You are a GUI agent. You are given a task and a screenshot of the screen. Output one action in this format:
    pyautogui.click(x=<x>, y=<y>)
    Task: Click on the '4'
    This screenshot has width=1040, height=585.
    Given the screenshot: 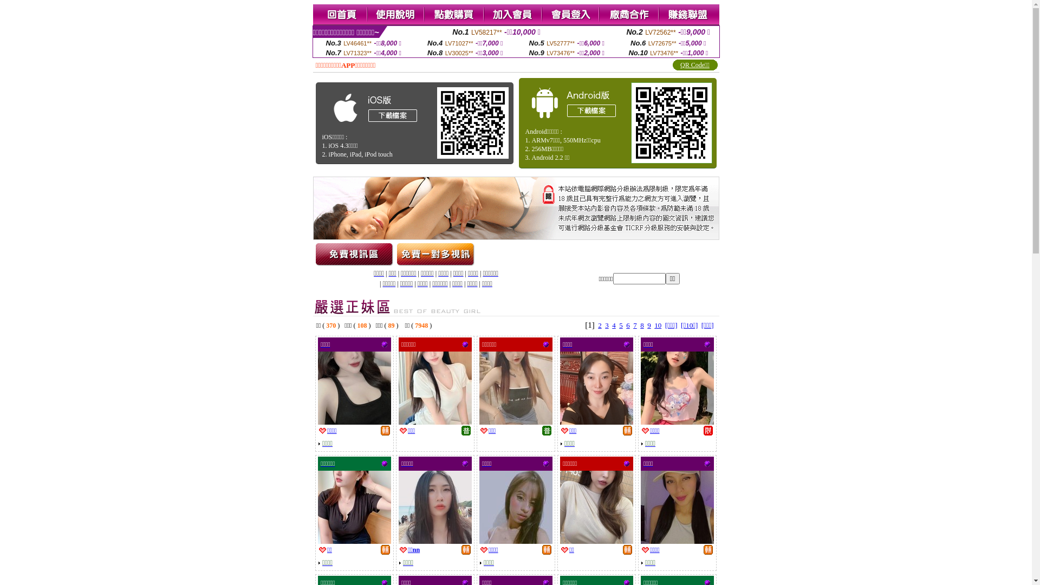 What is the action you would take?
    pyautogui.click(x=614, y=324)
    